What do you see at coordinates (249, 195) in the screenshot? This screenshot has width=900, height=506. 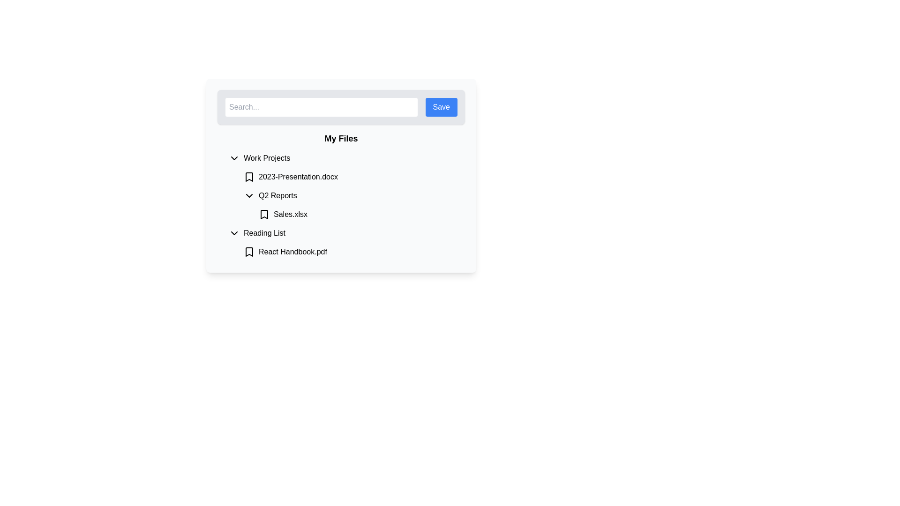 I see `the downward-pointing chevron icon in the 'Q2 Reports' row` at bounding box center [249, 195].